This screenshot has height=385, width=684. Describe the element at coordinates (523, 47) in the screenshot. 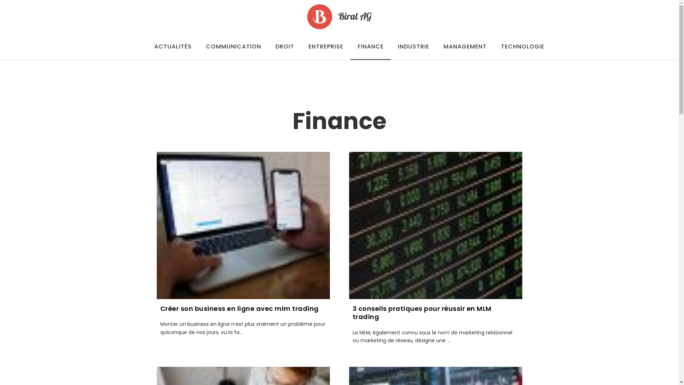

I see `'TECHNOLOGIE'` at that location.